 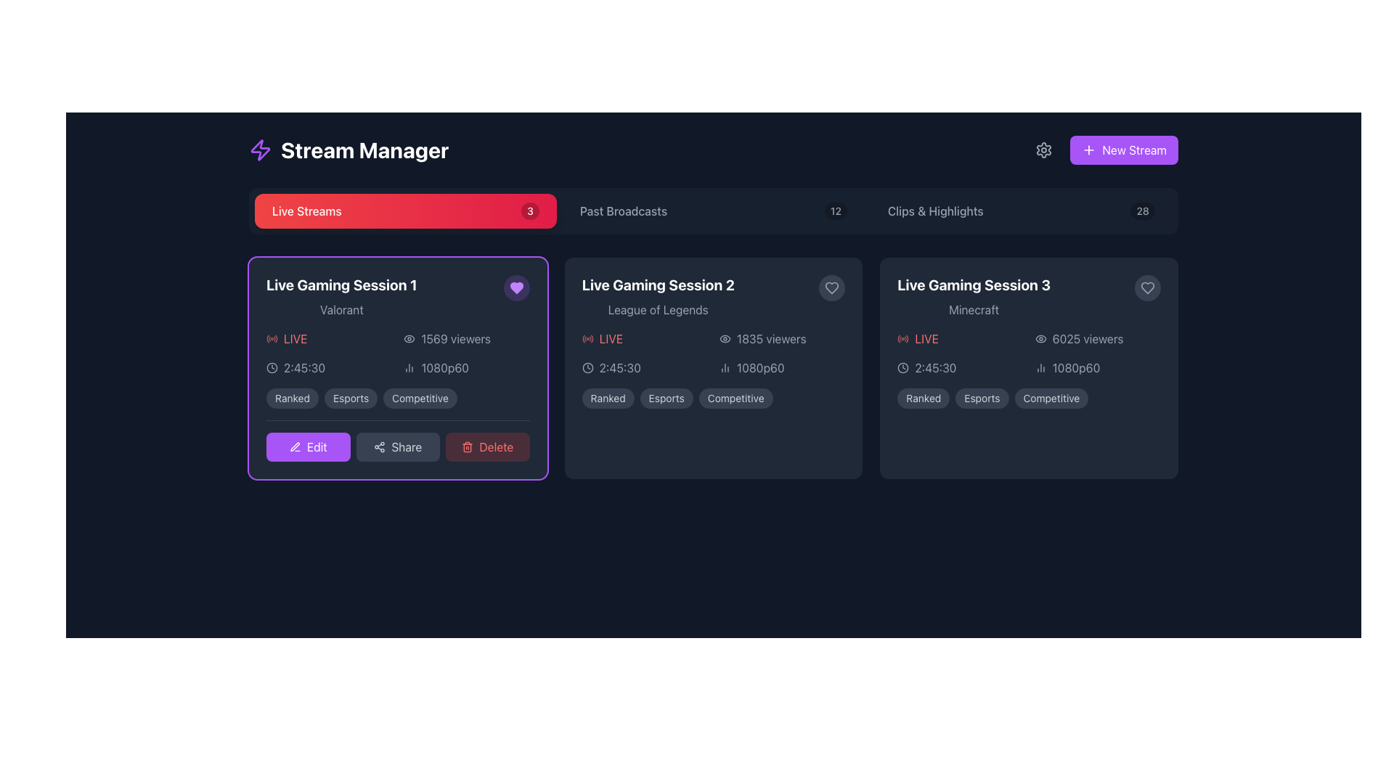 What do you see at coordinates (781, 338) in the screenshot?
I see `the '1835 viewers' text label with eye icon in the second card of the 'Live Gaming Session 2' segment` at bounding box center [781, 338].